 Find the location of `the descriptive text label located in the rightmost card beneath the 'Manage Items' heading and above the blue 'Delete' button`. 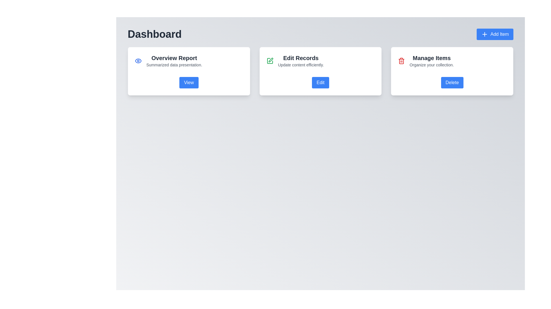

the descriptive text label located in the rightmost card beneath the 'Manage Items' heading and above the blue 'Delete' button is located at coordinates (432, 65).